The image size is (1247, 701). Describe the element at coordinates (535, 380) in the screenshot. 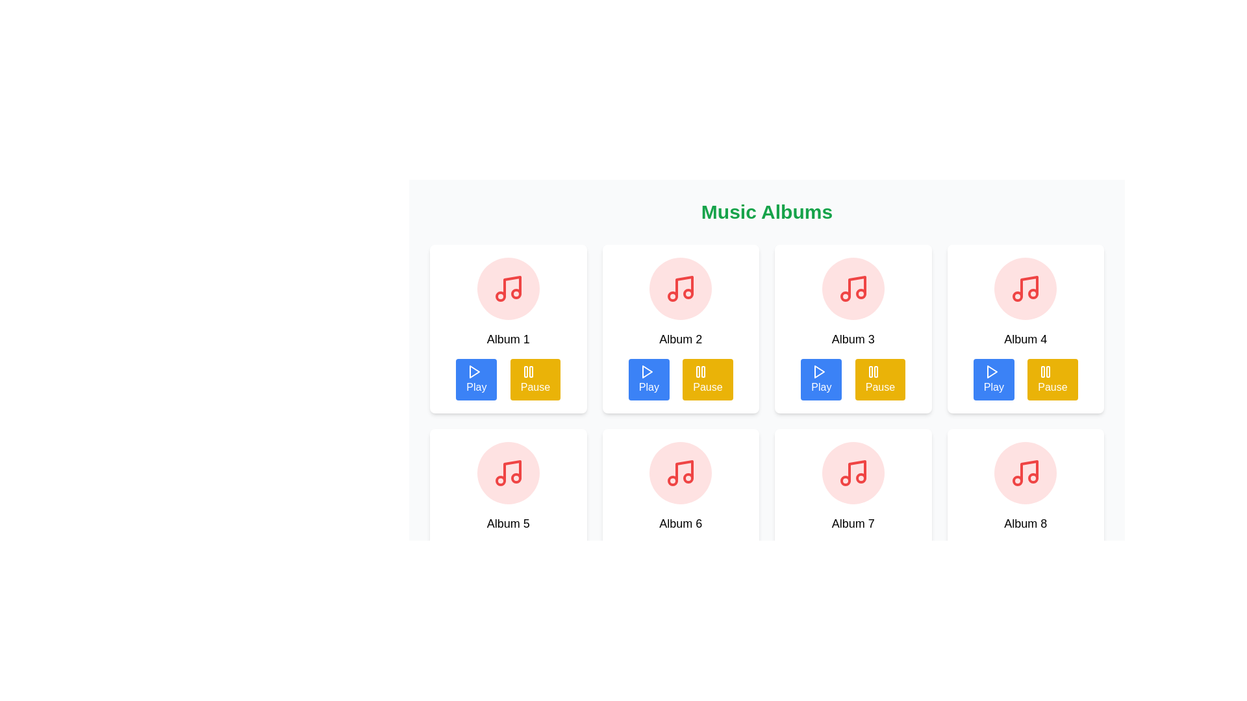

I see `the pause button located to the right of the blue 'Play' button in the button group beneath the music album card` at that location.